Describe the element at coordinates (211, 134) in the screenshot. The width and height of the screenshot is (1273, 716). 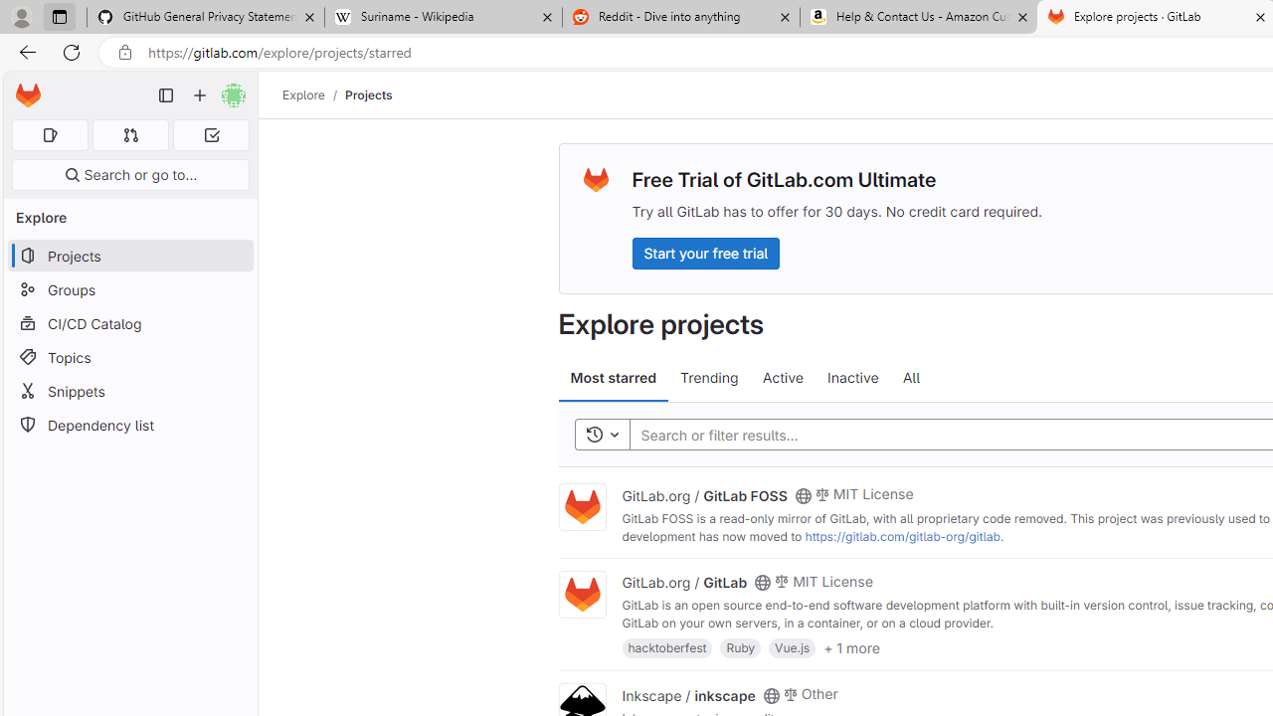
I see `'To-Do list 0'` at that location.